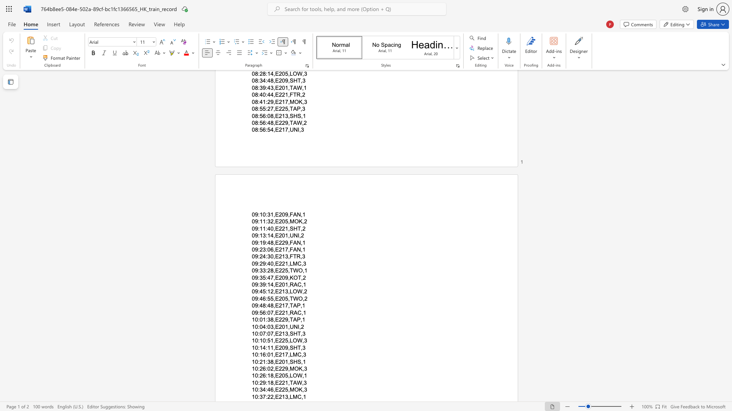 This screenshot has height=411, width=732. I want to click on the subset text ":12,E213,L" within the text "09:45:12,E213,LOW,2", so click(266, 291).